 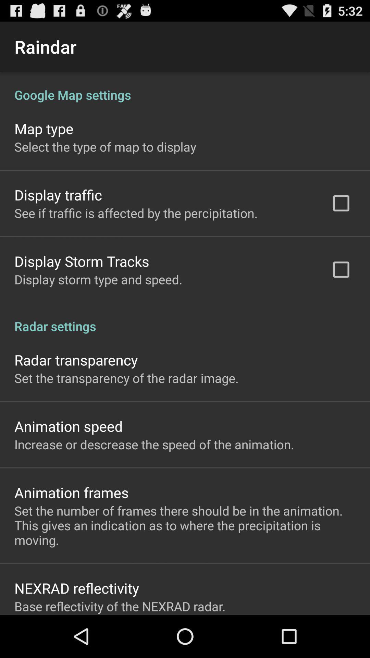 I want to click on increase or descrease item, so click(x=154, y=444).